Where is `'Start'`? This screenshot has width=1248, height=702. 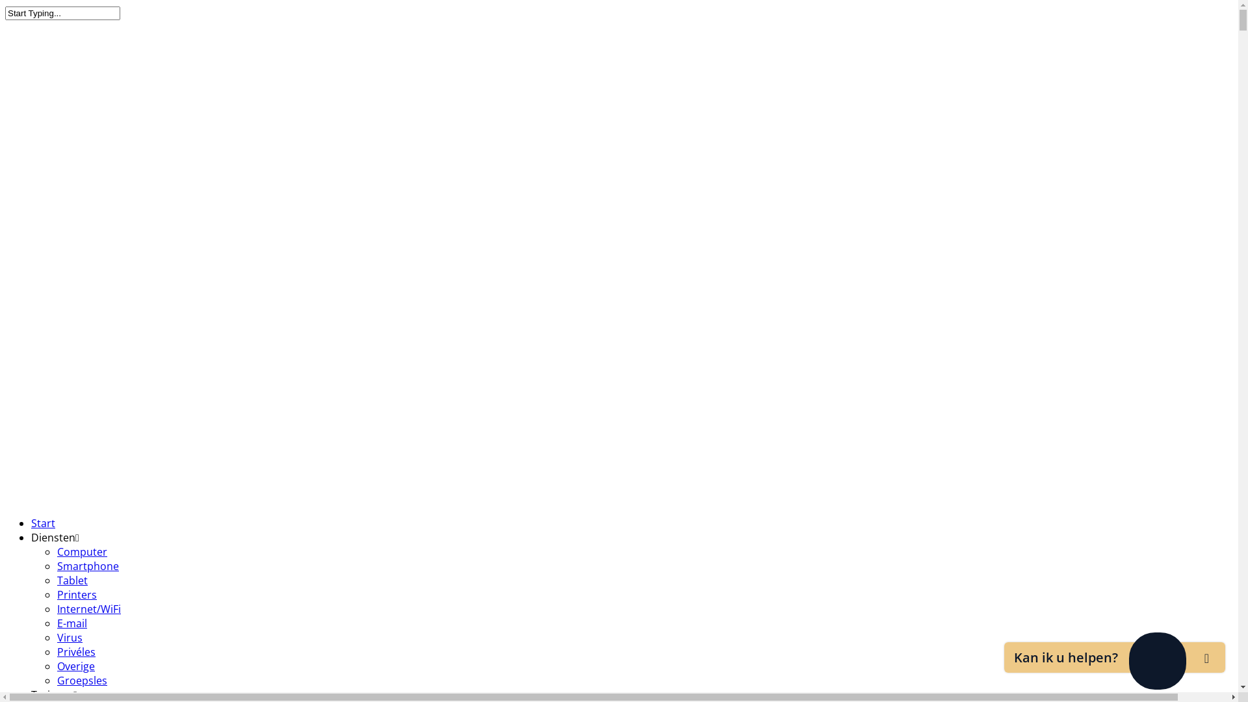
'Start' is located at coordinates (43, 523).